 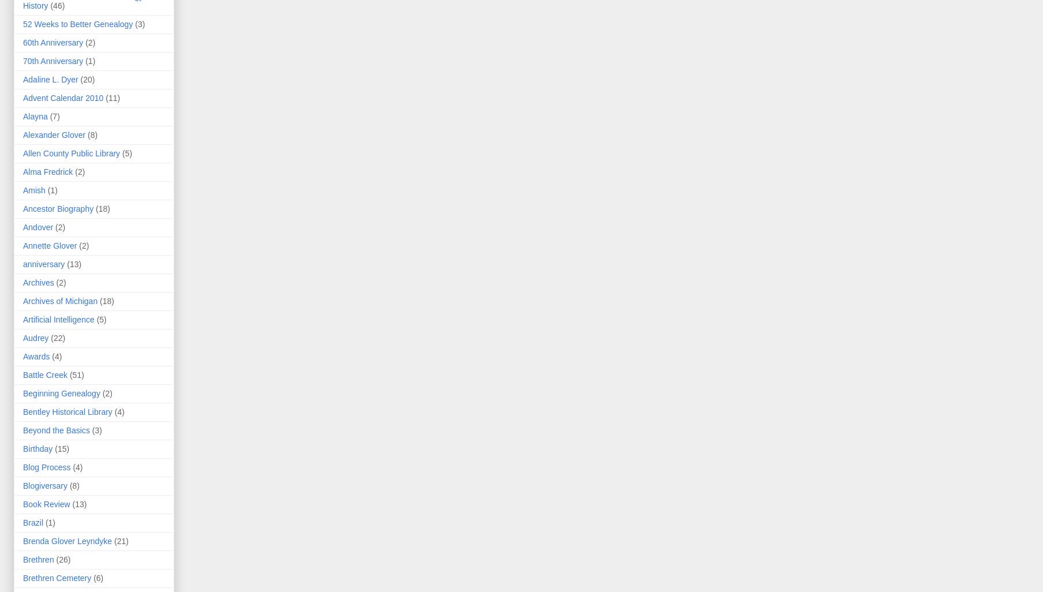 What do you see at coordinates (52, 42) in the screenshot?
I see `'60th Anniversary'` at bounding box center [52, 42].